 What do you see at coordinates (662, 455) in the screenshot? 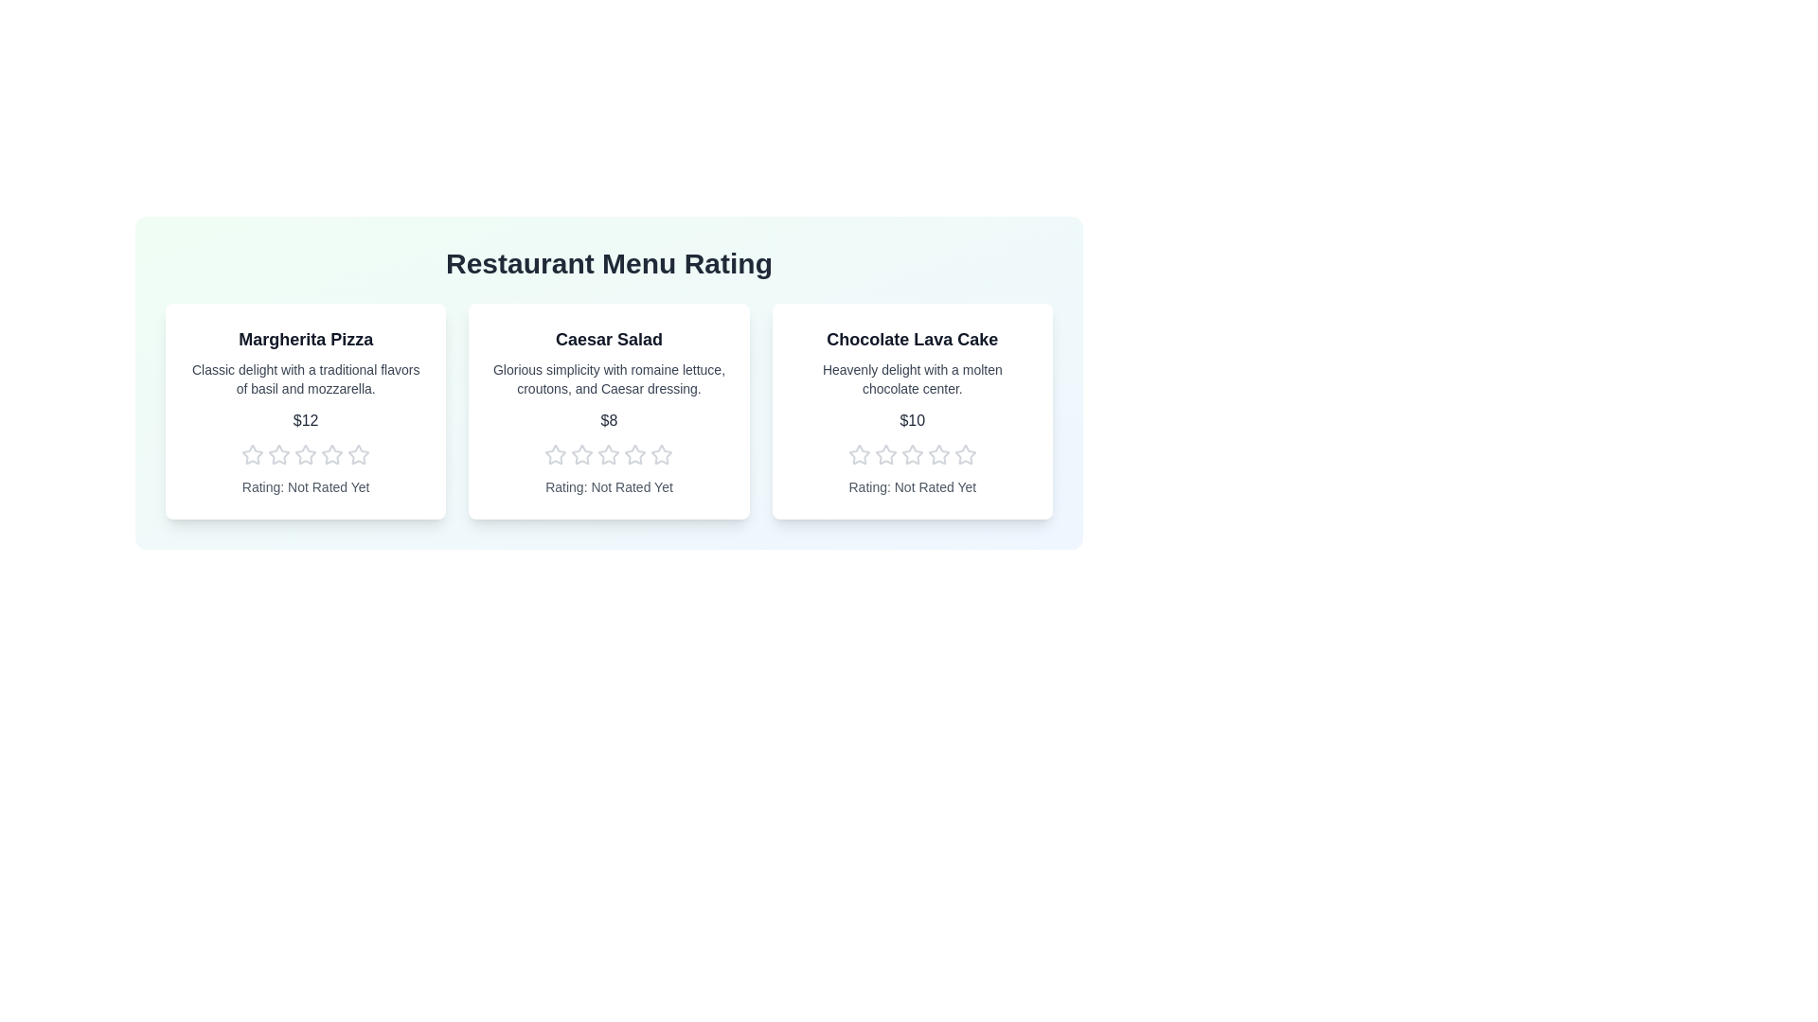
I see `the star corresponding to the desired rating 5 for the menu item Caesar Salad` at bounding box center [662, 455].